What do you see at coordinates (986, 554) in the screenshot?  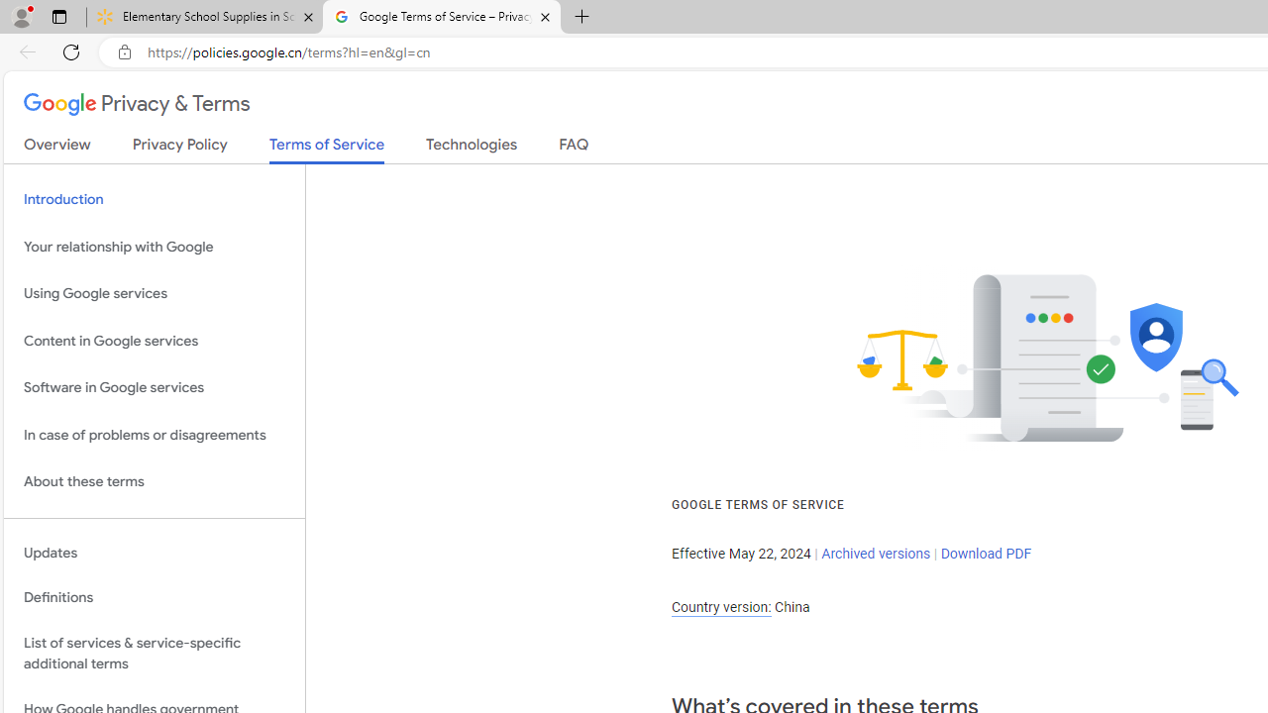 I see `'Download PDF'` at bounding box center [986, 554].